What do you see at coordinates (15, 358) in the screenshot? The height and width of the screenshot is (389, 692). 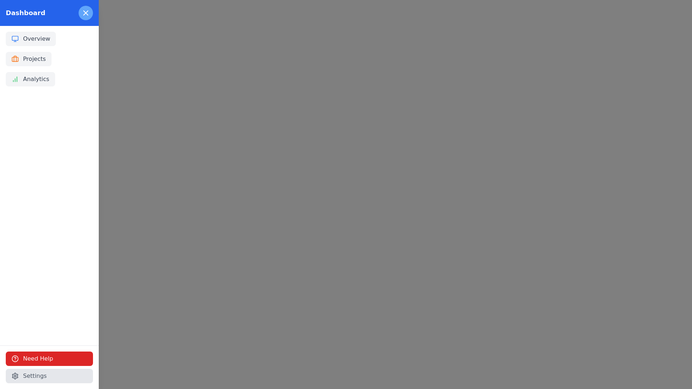 I see `the leftmost icon of the 'Need Help' button located at the bottom left of the application interface` at bounding box center [15, 358].